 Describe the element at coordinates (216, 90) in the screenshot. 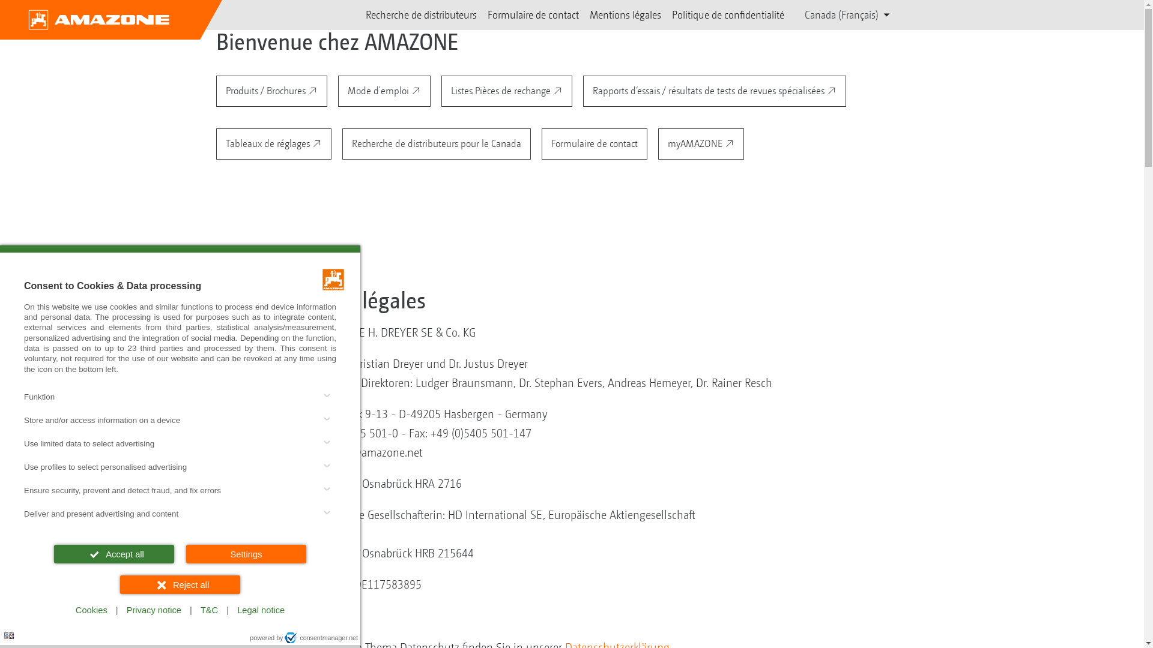

I see `'Produits / Brochures'` at that location.